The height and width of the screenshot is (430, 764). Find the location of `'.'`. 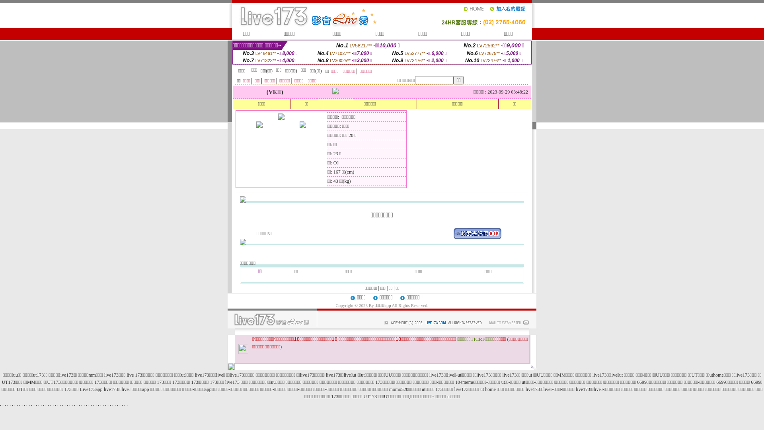

'.' is located at coordinates (67, 404).